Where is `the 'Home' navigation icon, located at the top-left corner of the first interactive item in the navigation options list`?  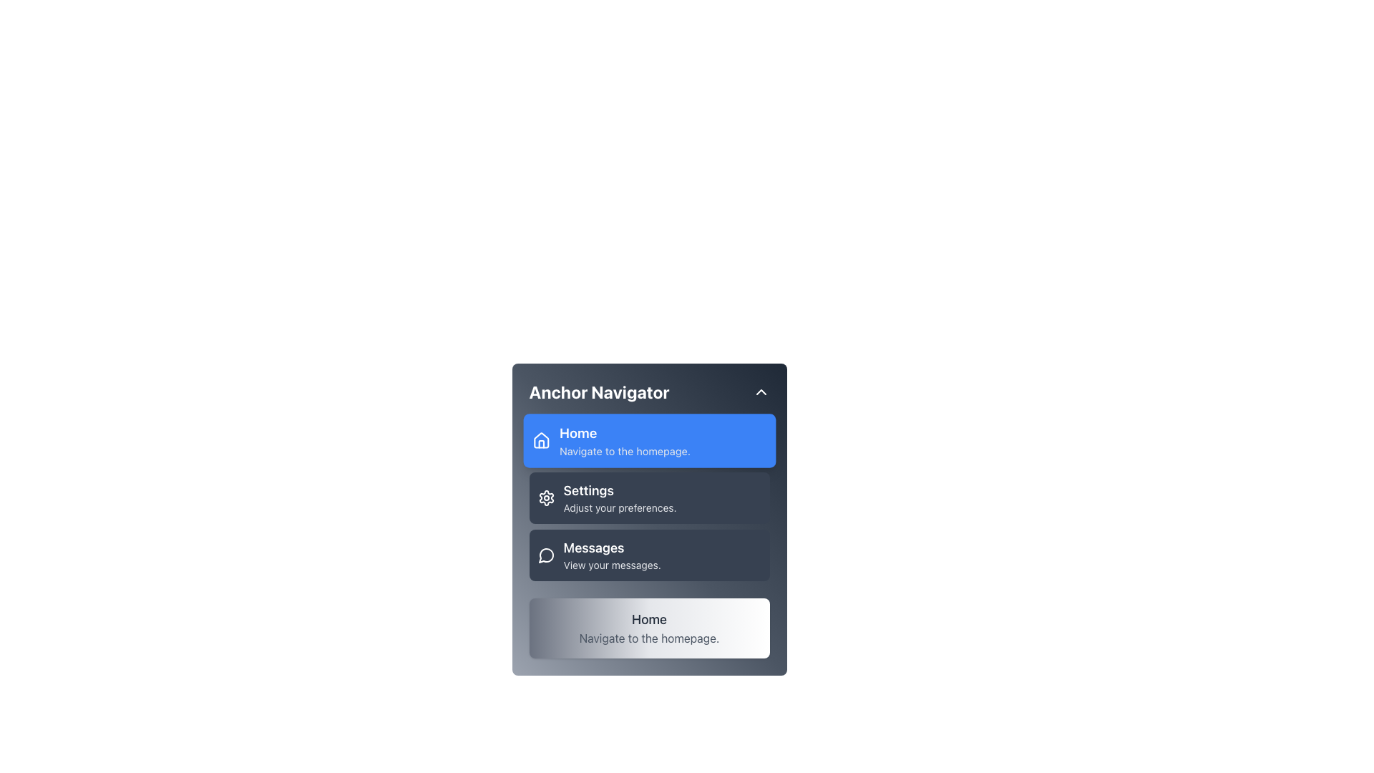 the 'Home' navigation icon, located at the top-left corner of the first interactive item in the navigation options list is located at coordinates (540, 440).